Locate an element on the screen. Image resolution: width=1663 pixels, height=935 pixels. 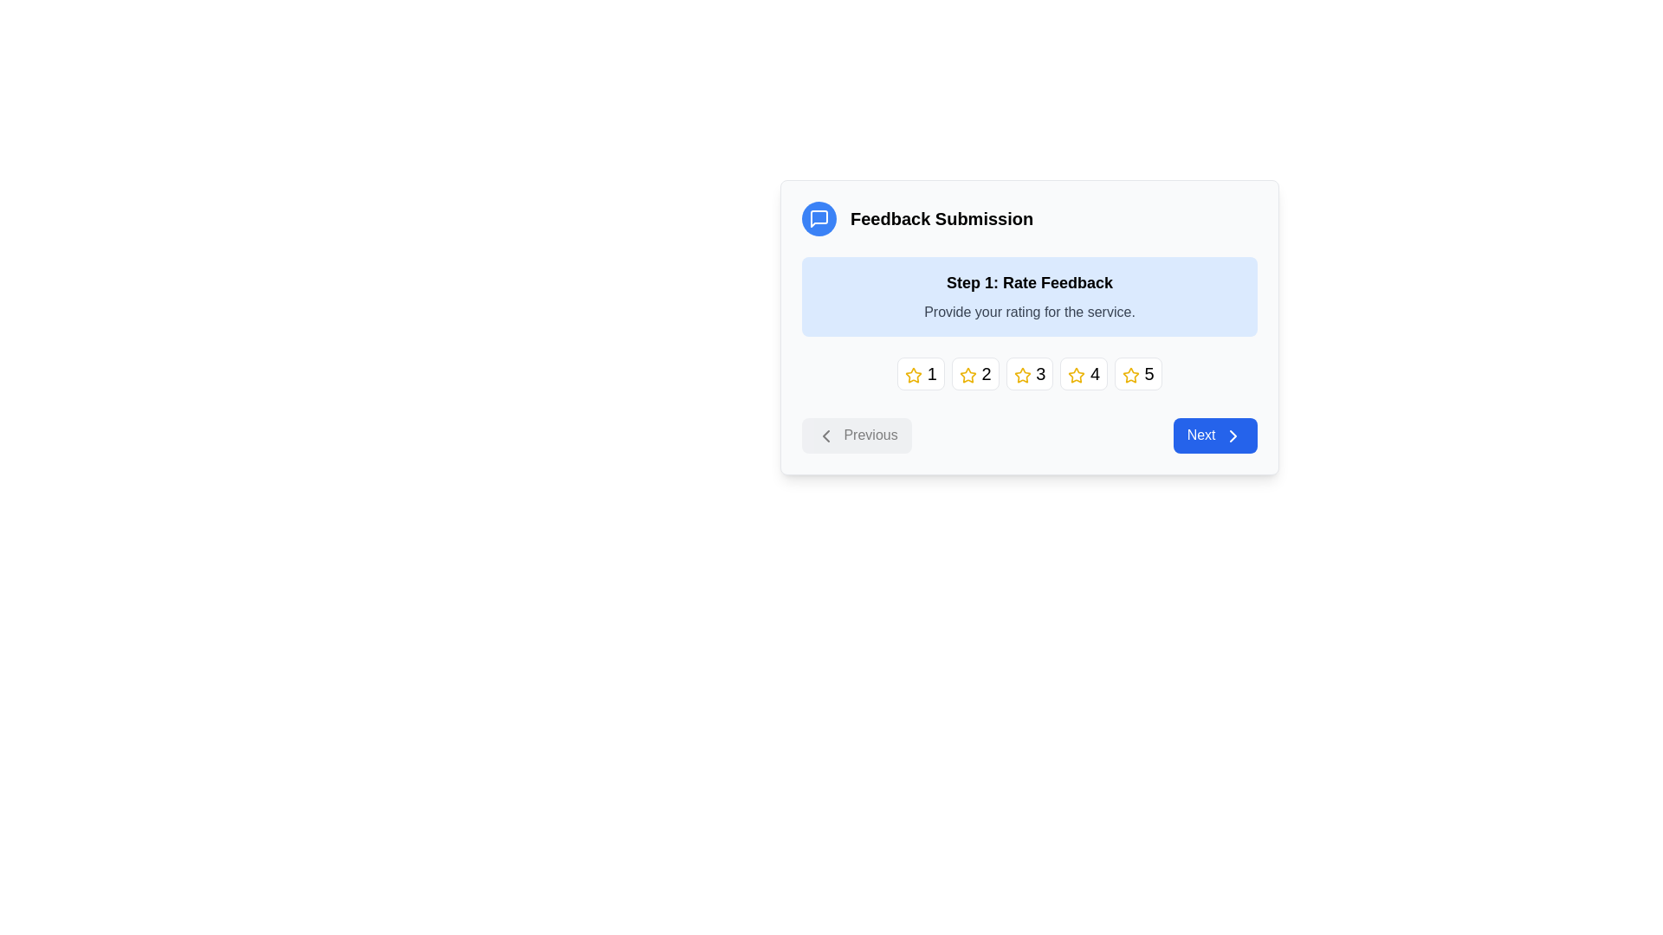
the rating button labeled '2' with a star icon is located at coordinates (975, 373).